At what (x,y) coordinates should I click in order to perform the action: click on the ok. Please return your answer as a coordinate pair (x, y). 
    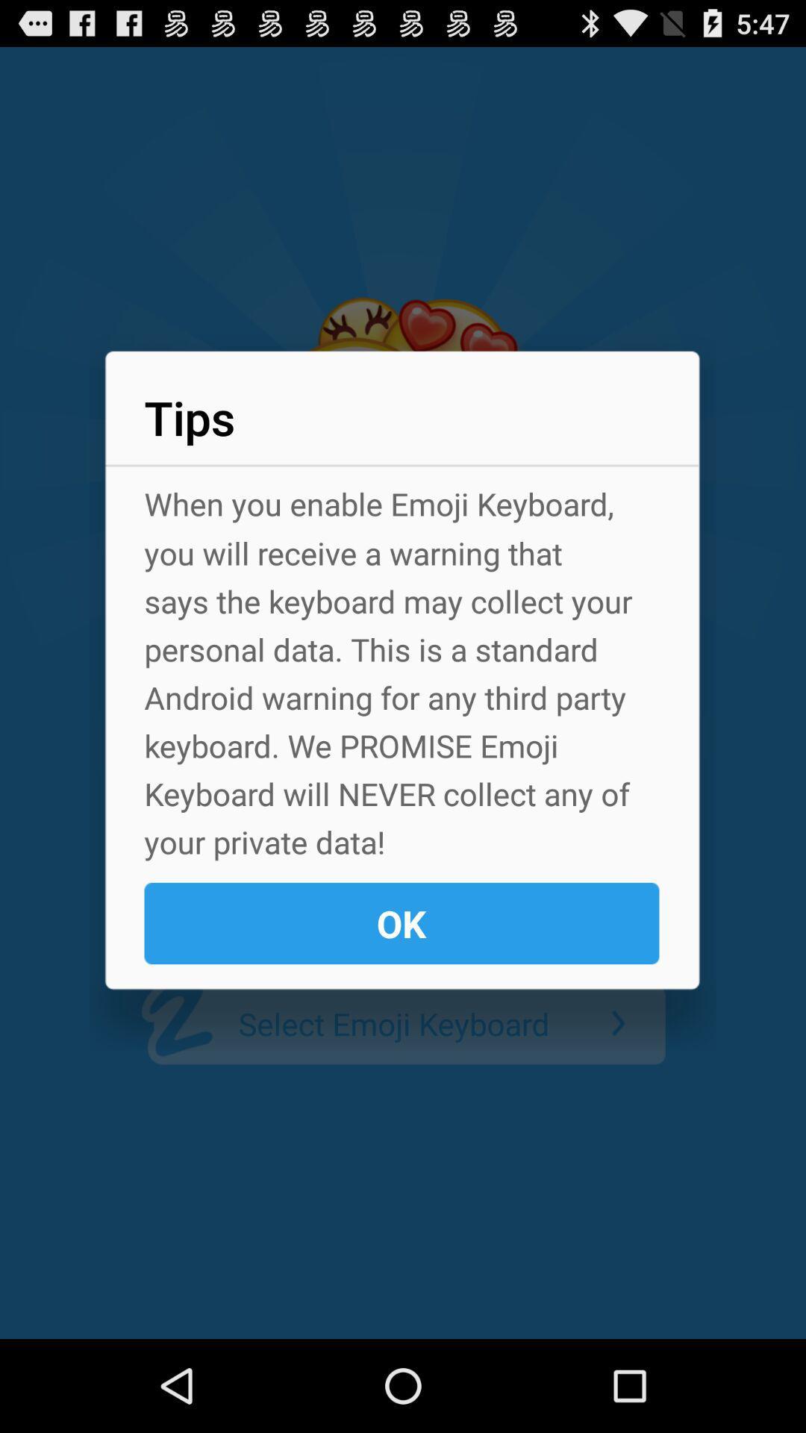
    Looking at the image, I should click on (401, 922).